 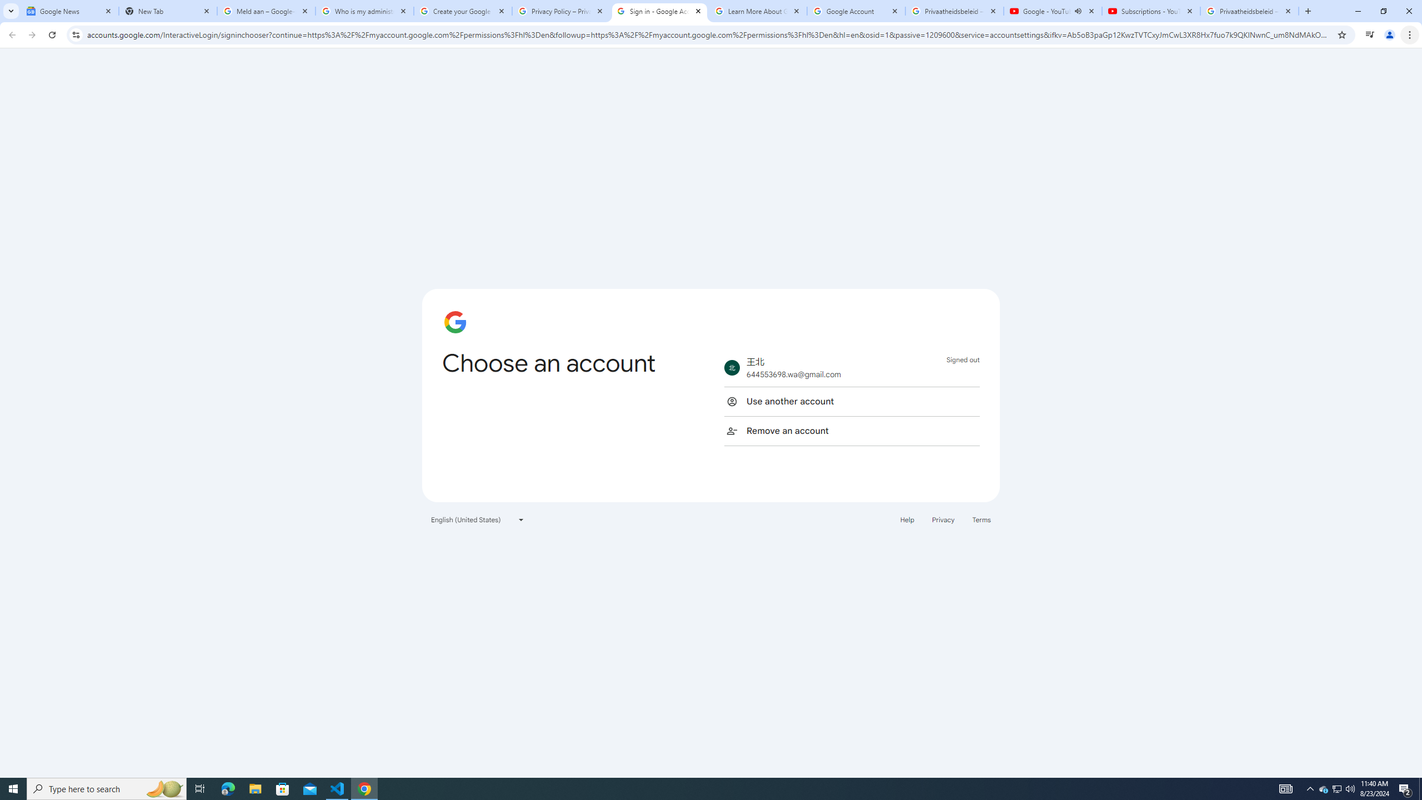 What do you see at coordinates (1150, 11) in the screenshot?
I see `'Subscriptions - YouTube'` at bounding box center [1150, 11].